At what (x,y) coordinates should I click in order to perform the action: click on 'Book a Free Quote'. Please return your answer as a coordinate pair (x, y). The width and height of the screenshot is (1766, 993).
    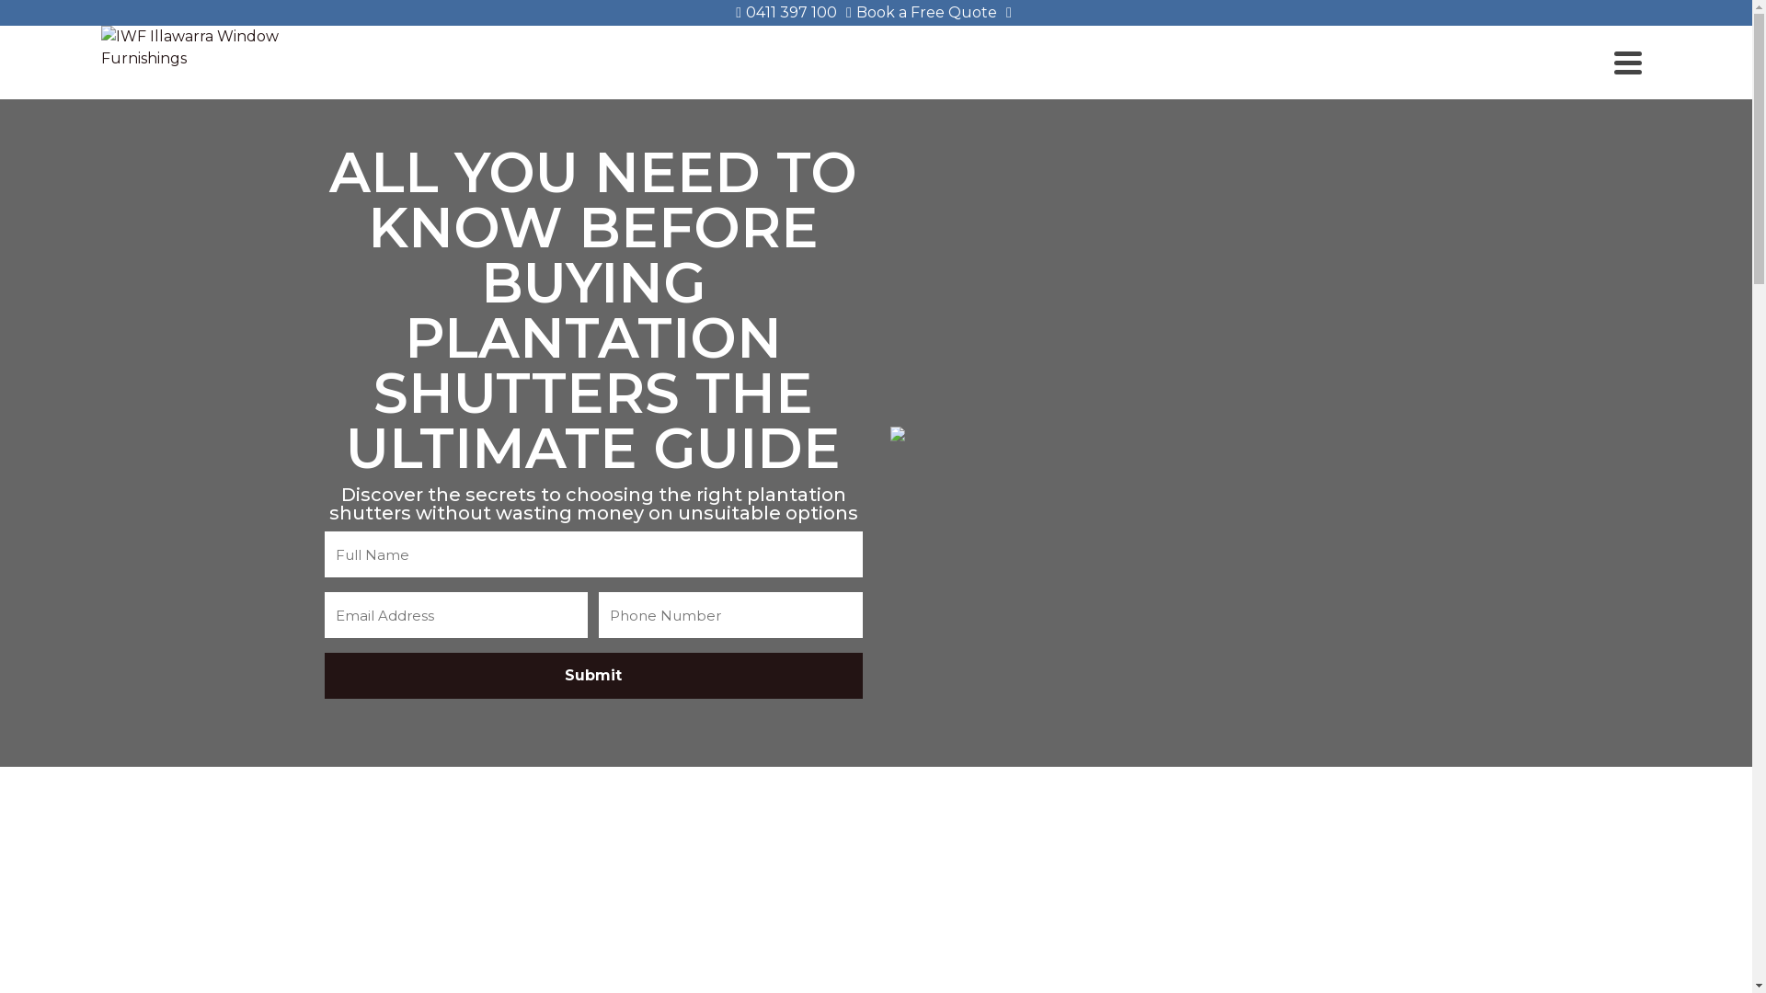
    Looking at the image, I should click on (922, 13).